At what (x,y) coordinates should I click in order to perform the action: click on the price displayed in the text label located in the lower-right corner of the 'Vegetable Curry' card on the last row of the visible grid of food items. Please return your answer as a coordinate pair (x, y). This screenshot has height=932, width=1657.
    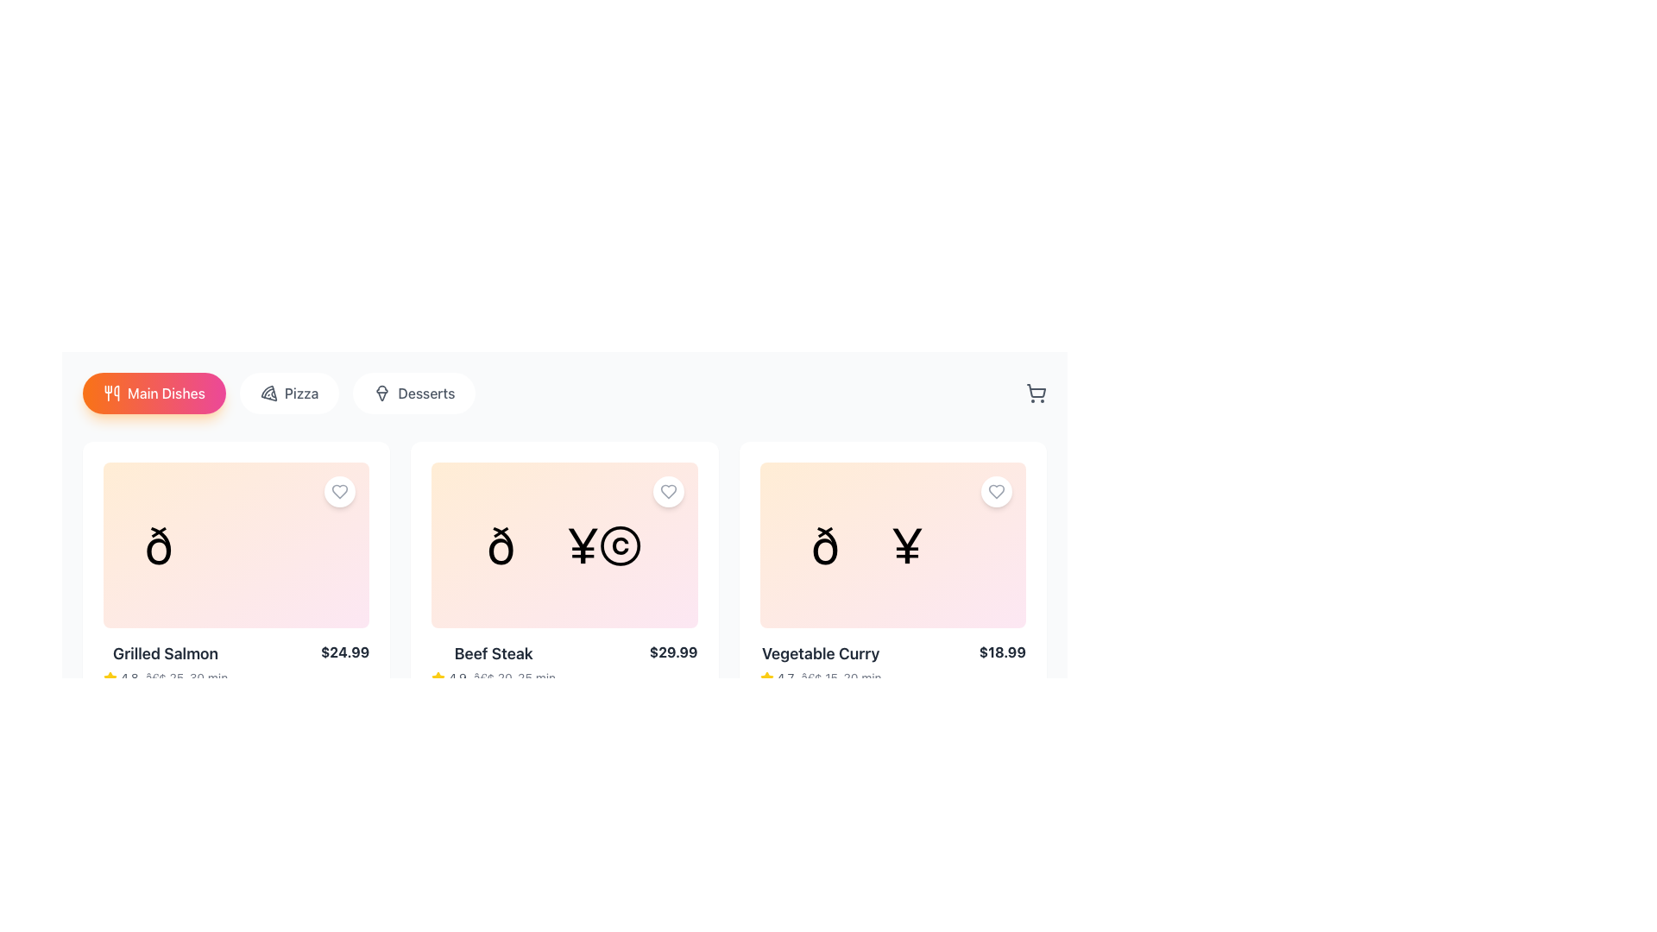
    Looking at the image, I should click on (1002, 652).